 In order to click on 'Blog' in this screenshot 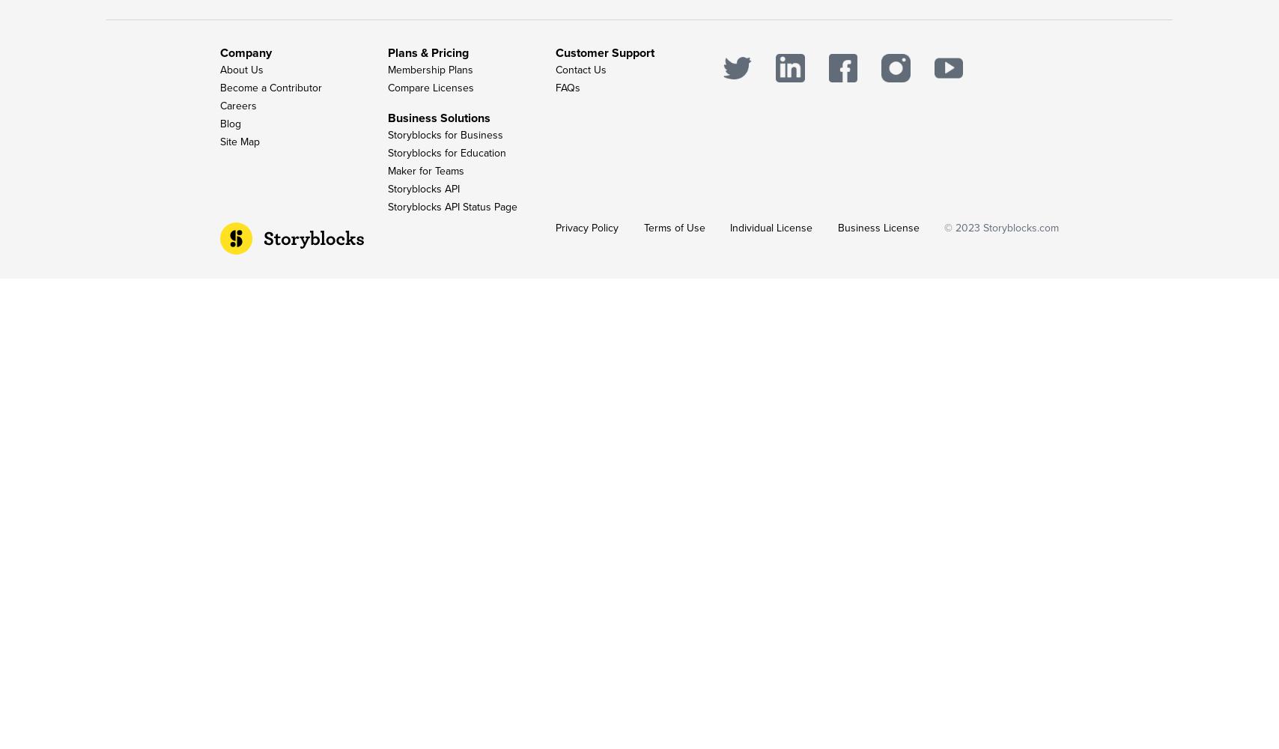, I will do `click(230, 124)`.